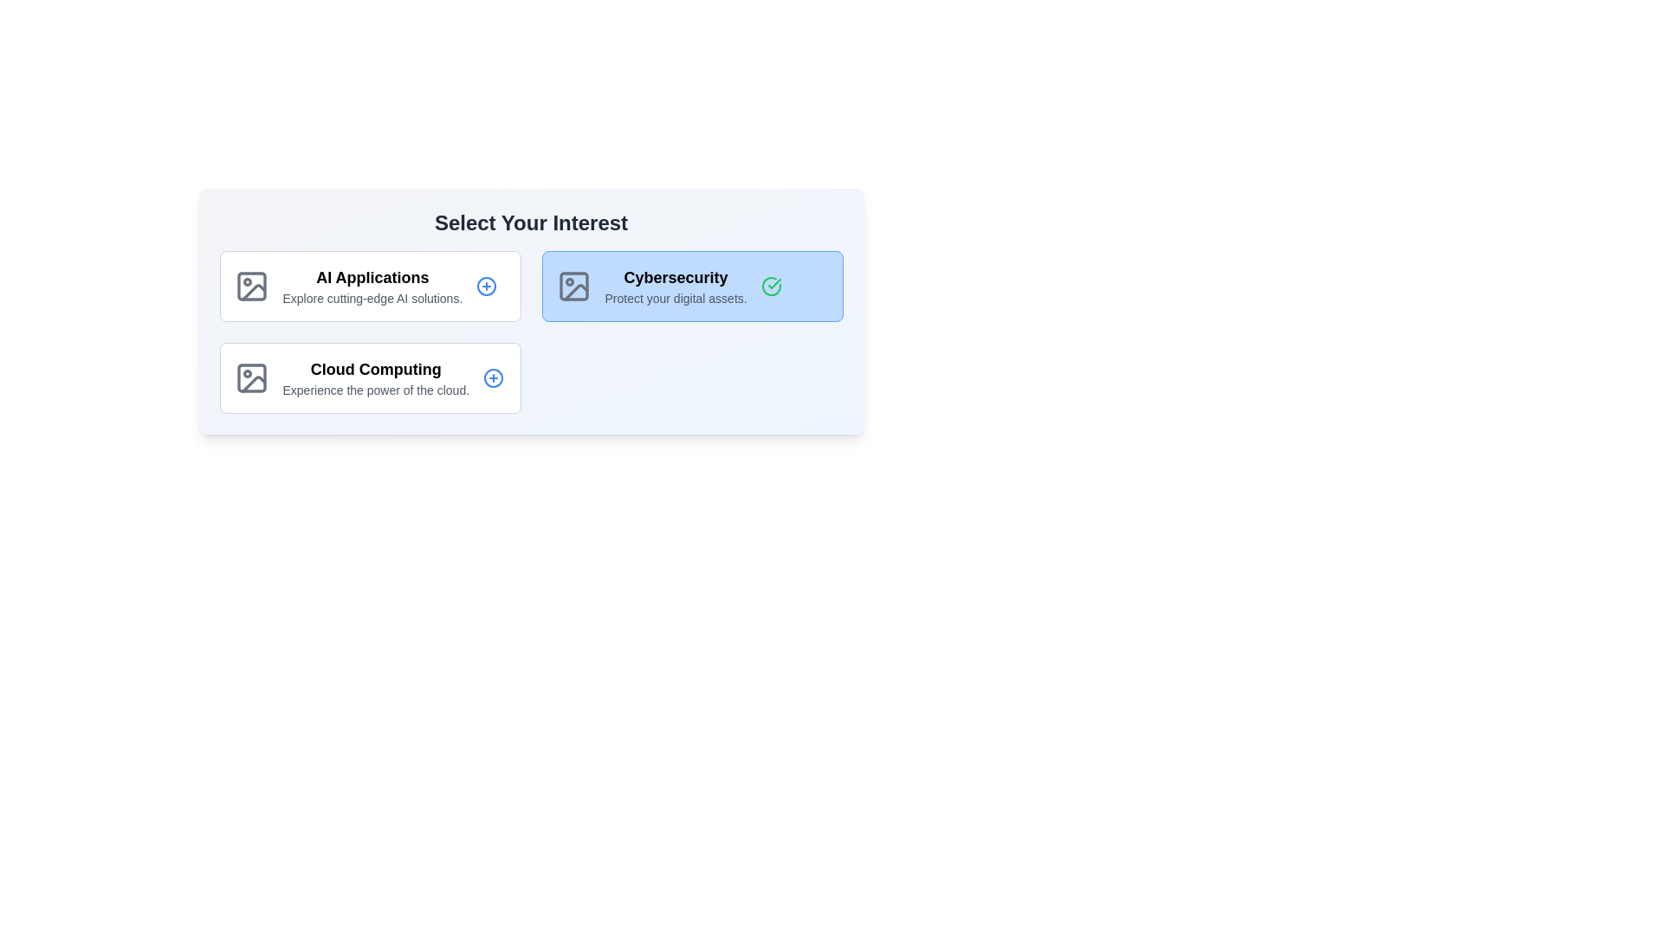  Describe the element at coordinates (369, 377) in the screenshot. I see `the card titled Cloud Computing` at that location.